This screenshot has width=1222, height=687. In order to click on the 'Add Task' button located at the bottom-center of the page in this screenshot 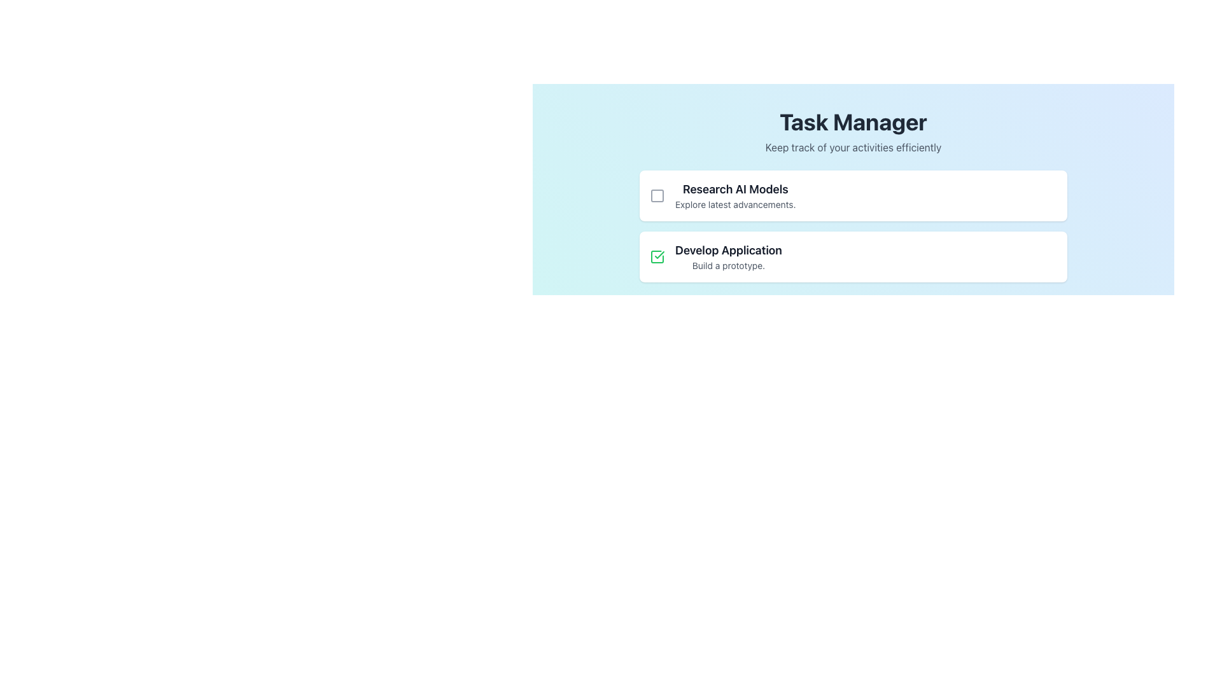, I will do `click(769, 310)`.